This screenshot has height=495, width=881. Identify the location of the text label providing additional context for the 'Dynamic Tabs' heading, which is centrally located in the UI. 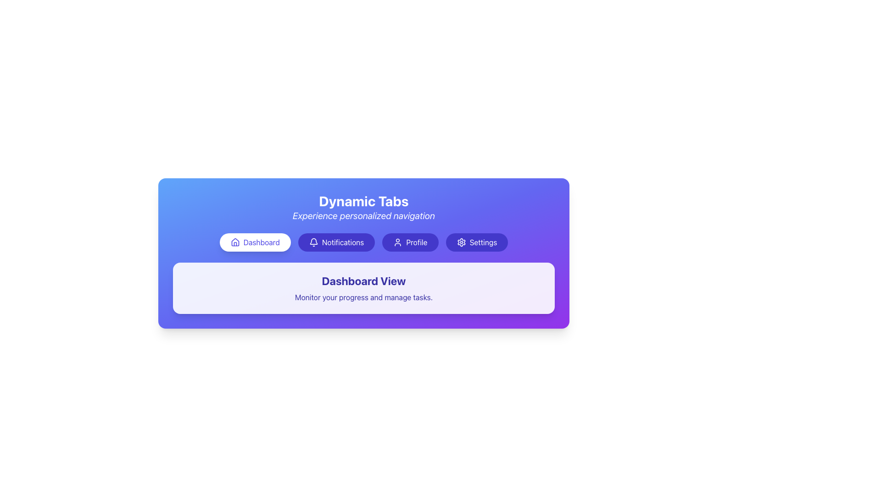
(363, 215).